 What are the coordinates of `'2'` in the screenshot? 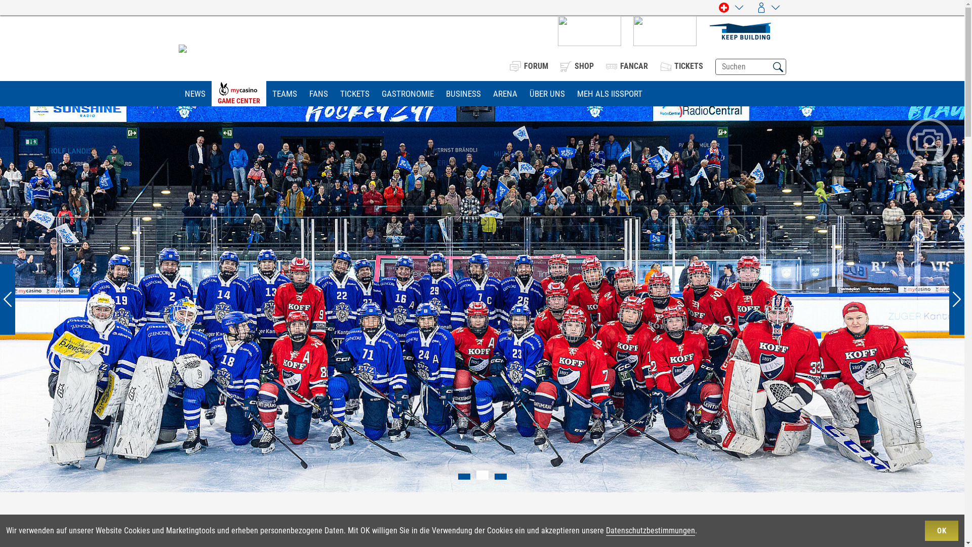 It's located at (480, 479).